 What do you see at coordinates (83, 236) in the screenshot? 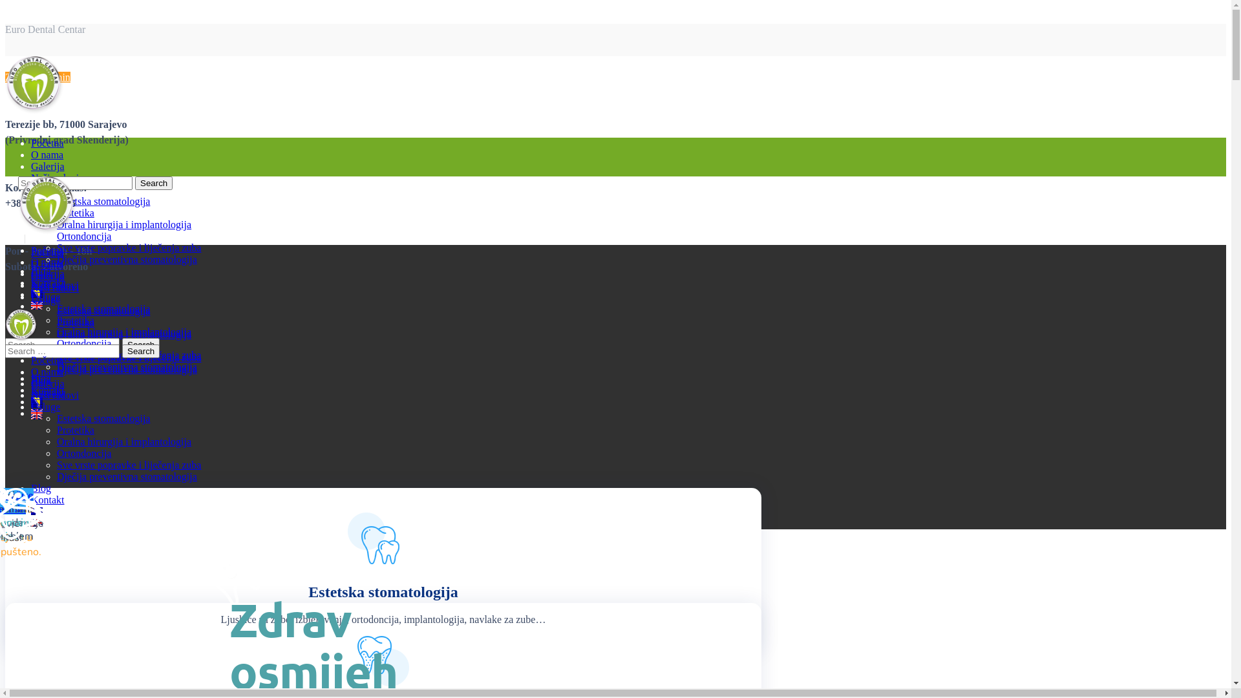
I see `'Ortondoncija'` at bounding box center [83, 236].